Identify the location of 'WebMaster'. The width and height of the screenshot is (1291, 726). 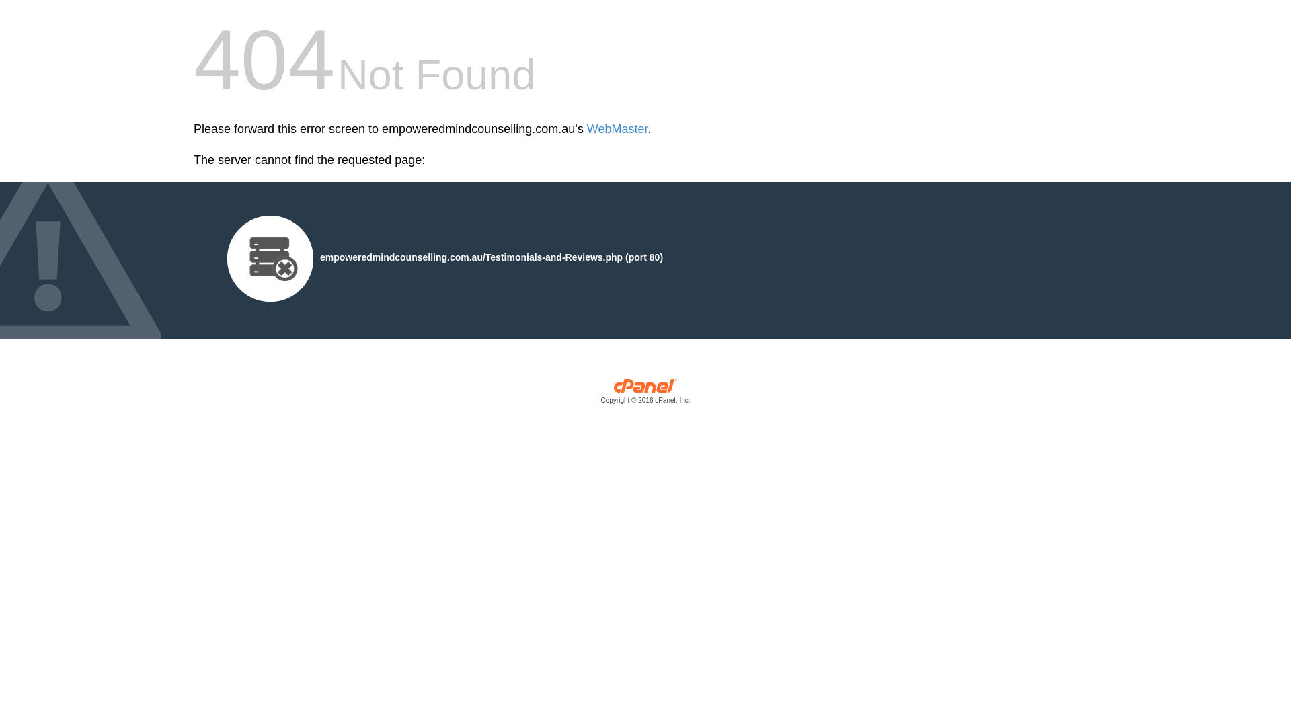
(617, 129).